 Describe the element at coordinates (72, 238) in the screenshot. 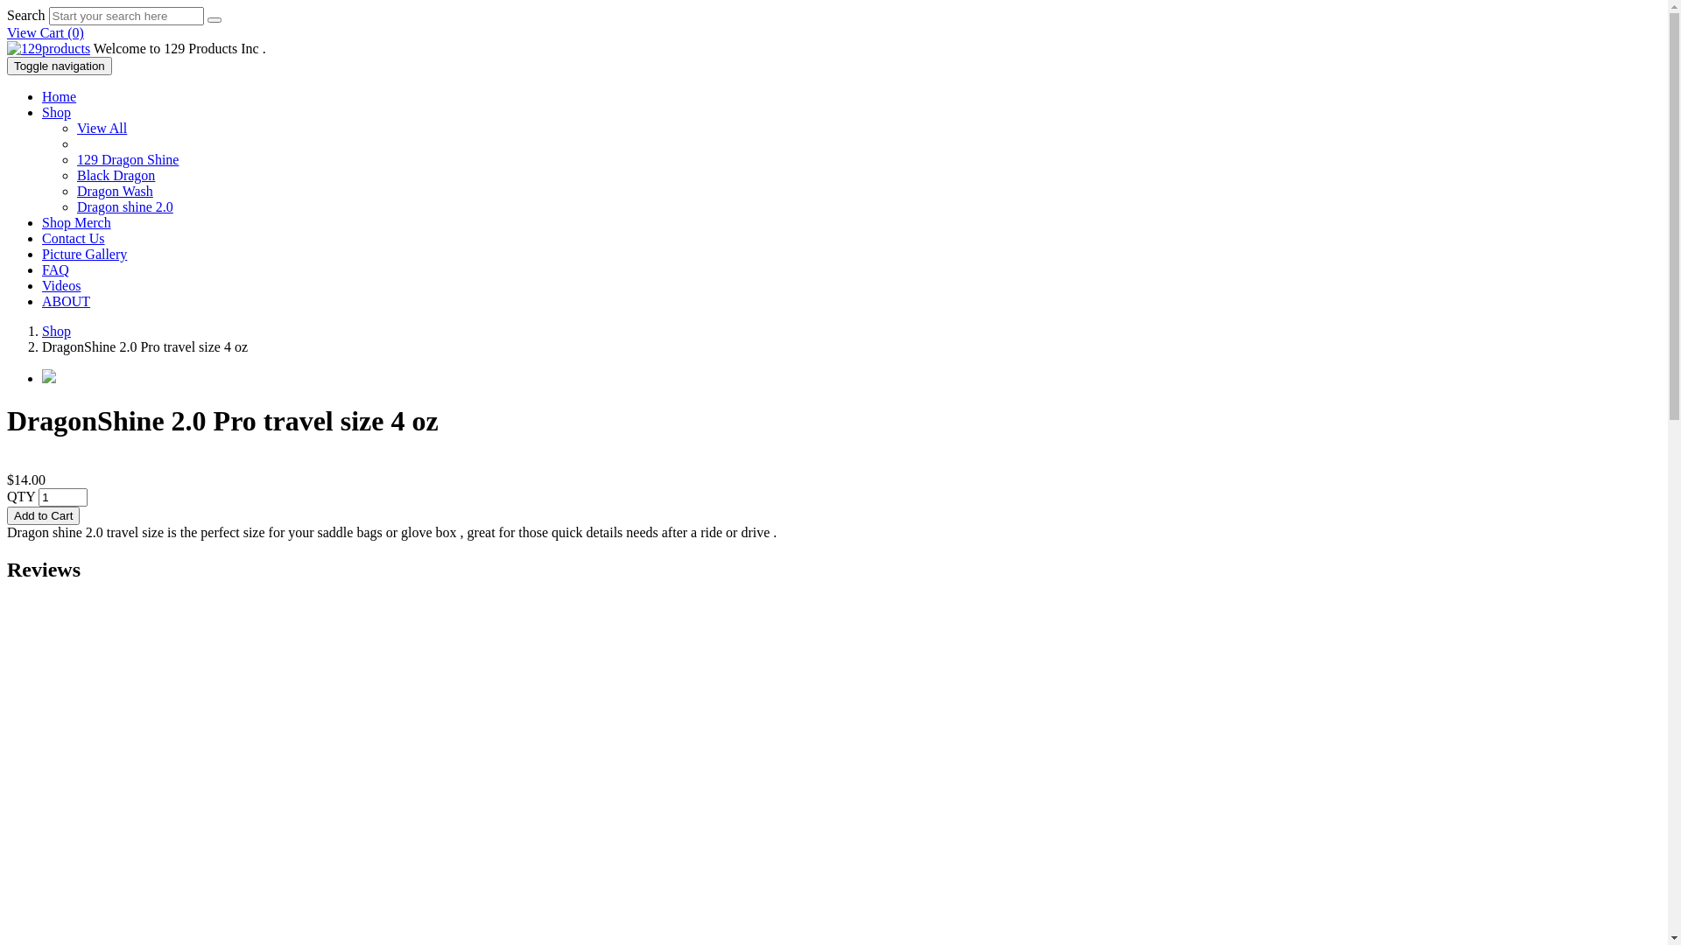

I see `'Contact Us'` at that location.